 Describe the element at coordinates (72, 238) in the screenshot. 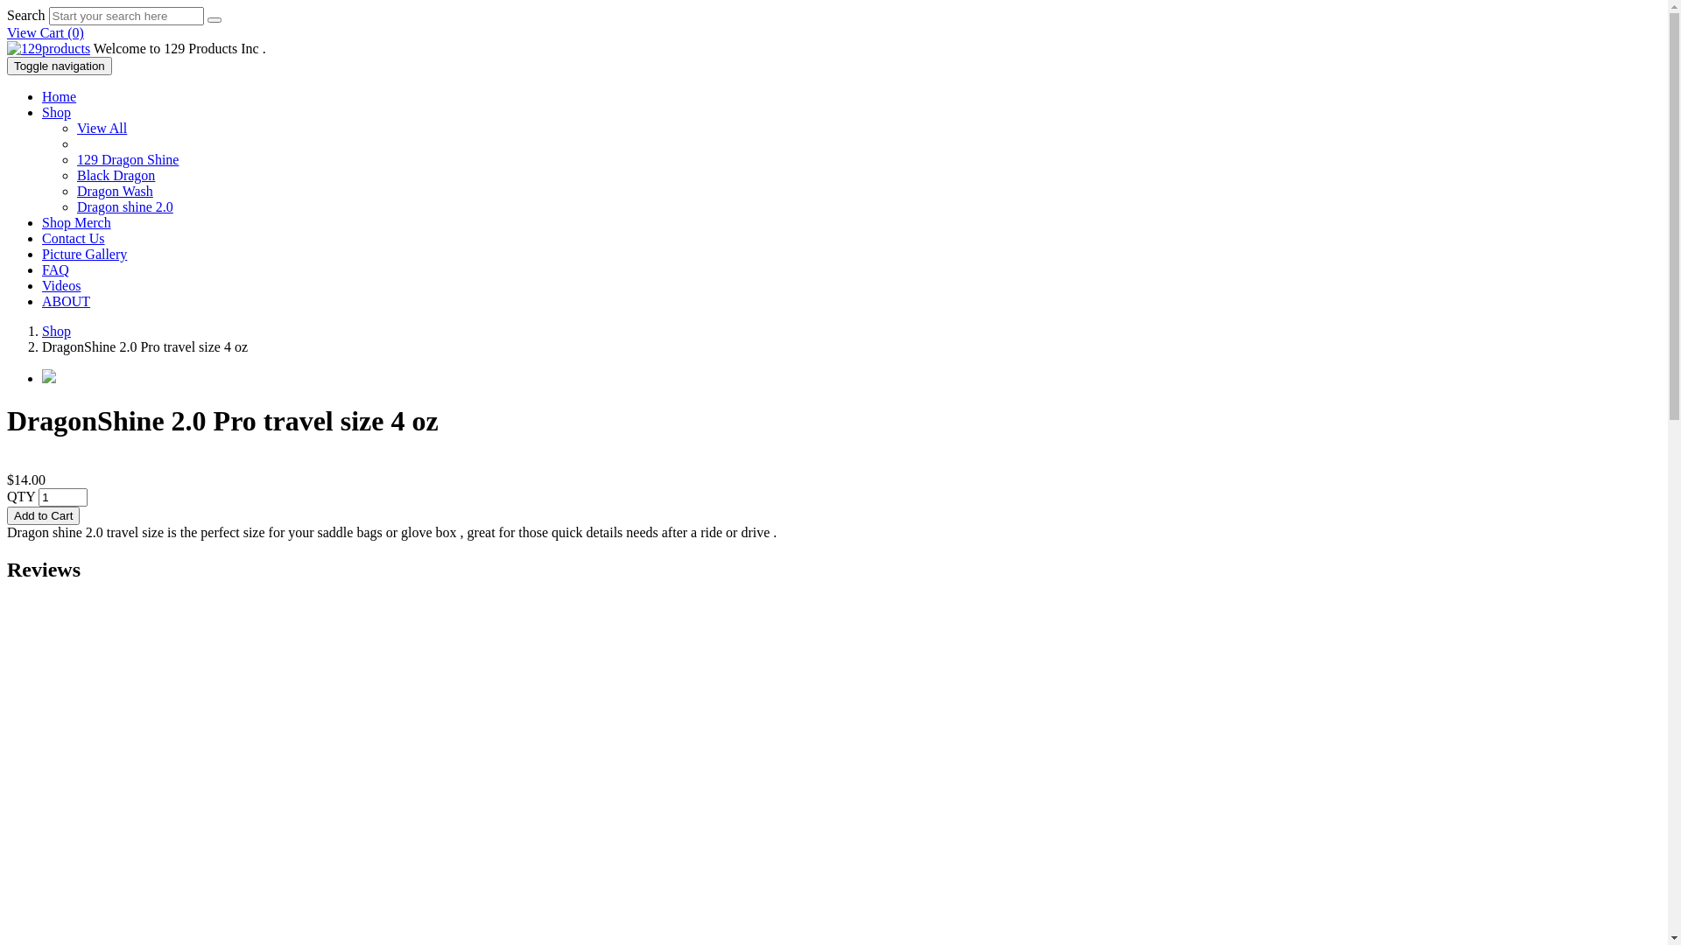

I see `'Contact Us'` at that location.